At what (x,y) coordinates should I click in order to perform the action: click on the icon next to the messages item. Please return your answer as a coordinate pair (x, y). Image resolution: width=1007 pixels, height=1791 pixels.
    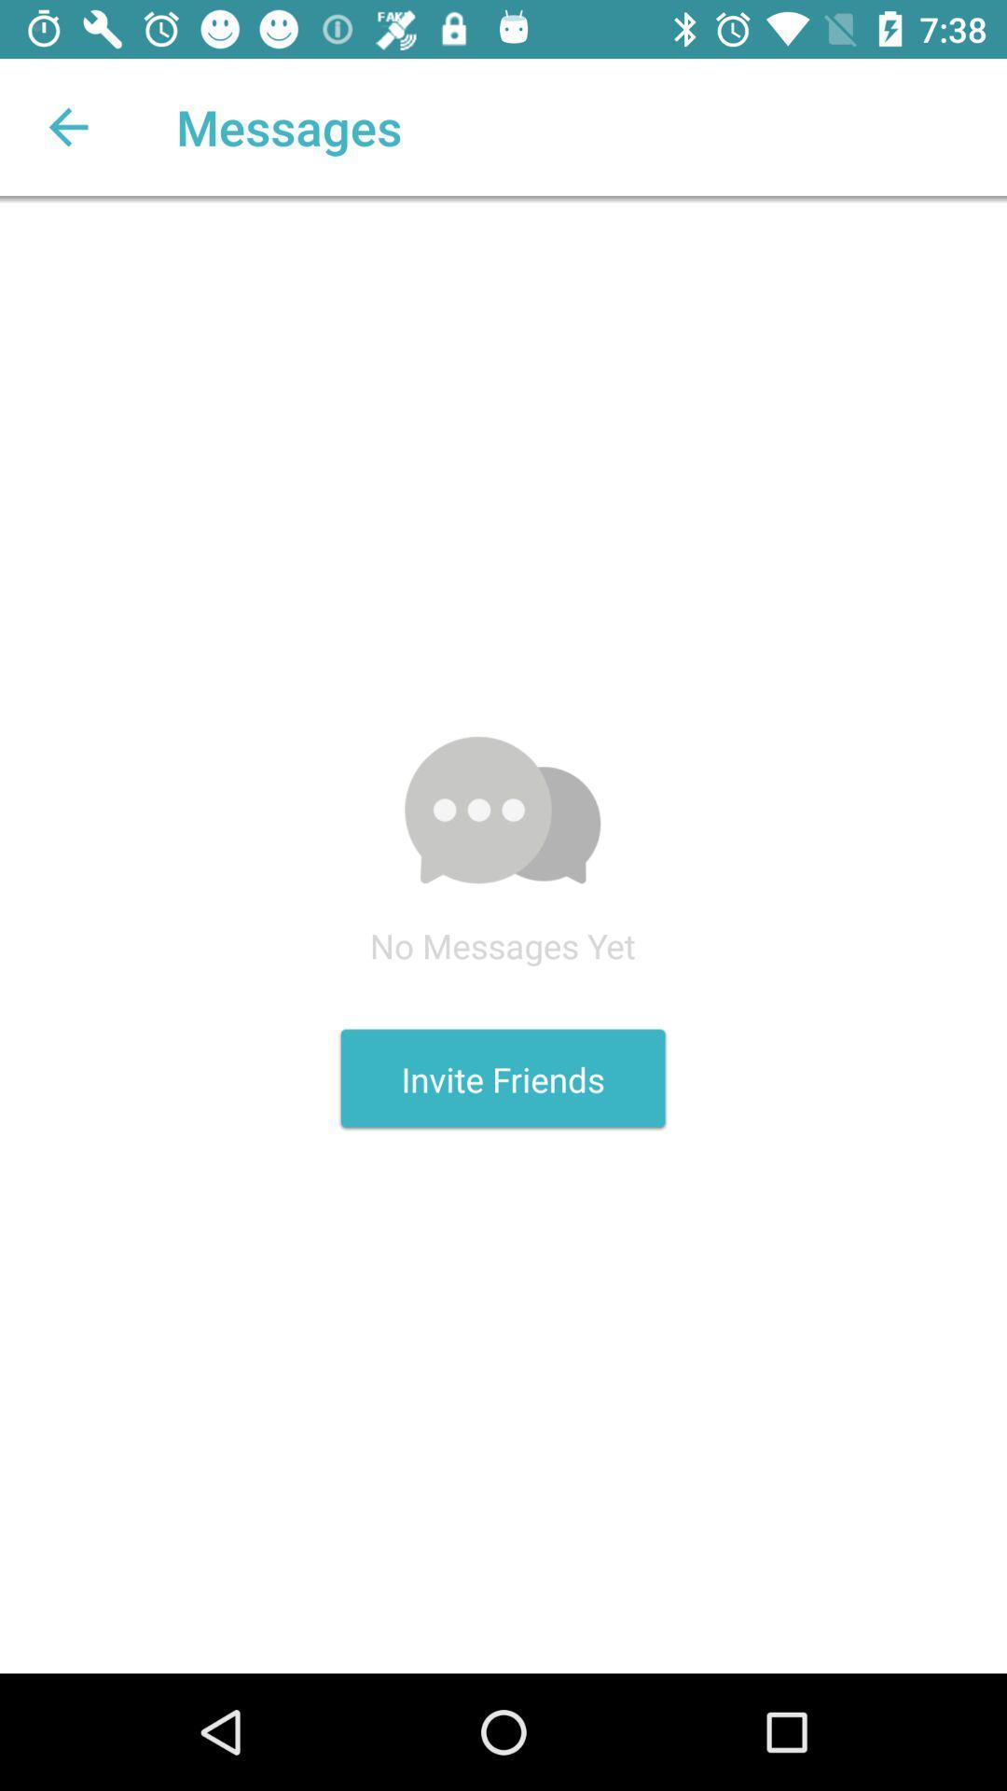
    Looking at the image, I should click on (67, 126).